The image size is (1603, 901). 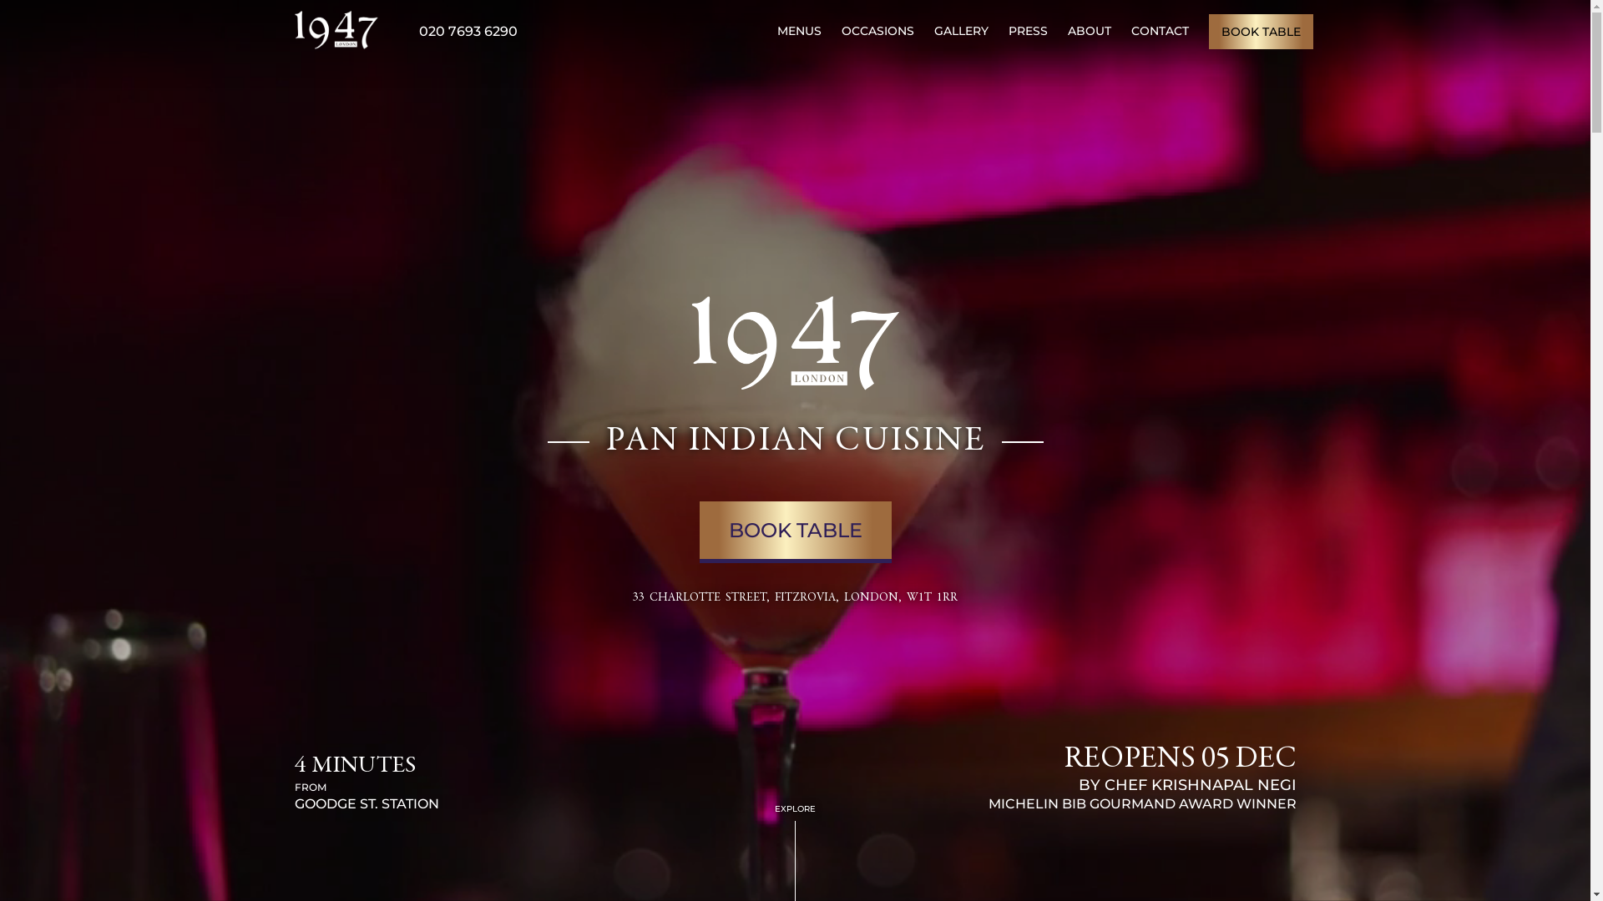 I want to click on 'CONTACT', so click(x=1158, y=31).